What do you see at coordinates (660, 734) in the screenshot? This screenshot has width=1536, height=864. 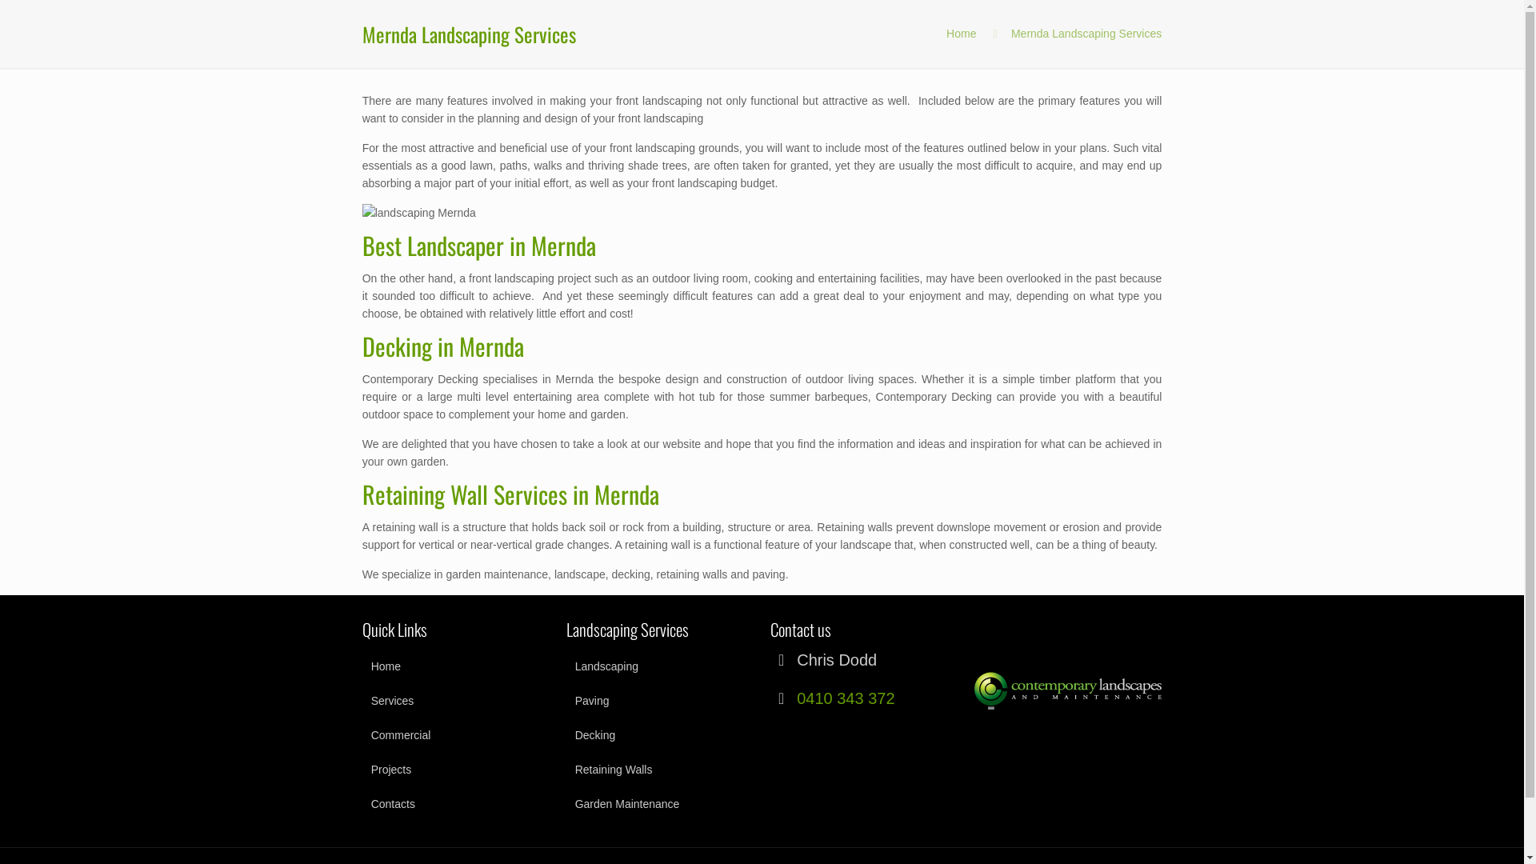 I see `'Decking'` at bounding box center [660, 734].